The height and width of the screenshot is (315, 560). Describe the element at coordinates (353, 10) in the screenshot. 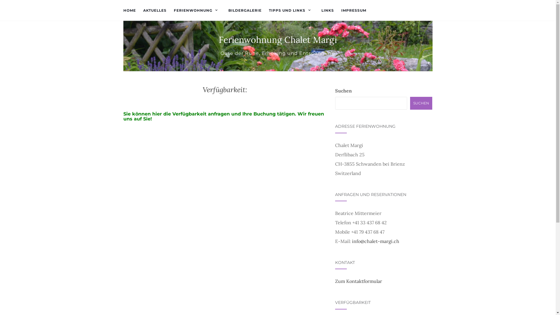

I see `'IMPRESSUM'` at that location.